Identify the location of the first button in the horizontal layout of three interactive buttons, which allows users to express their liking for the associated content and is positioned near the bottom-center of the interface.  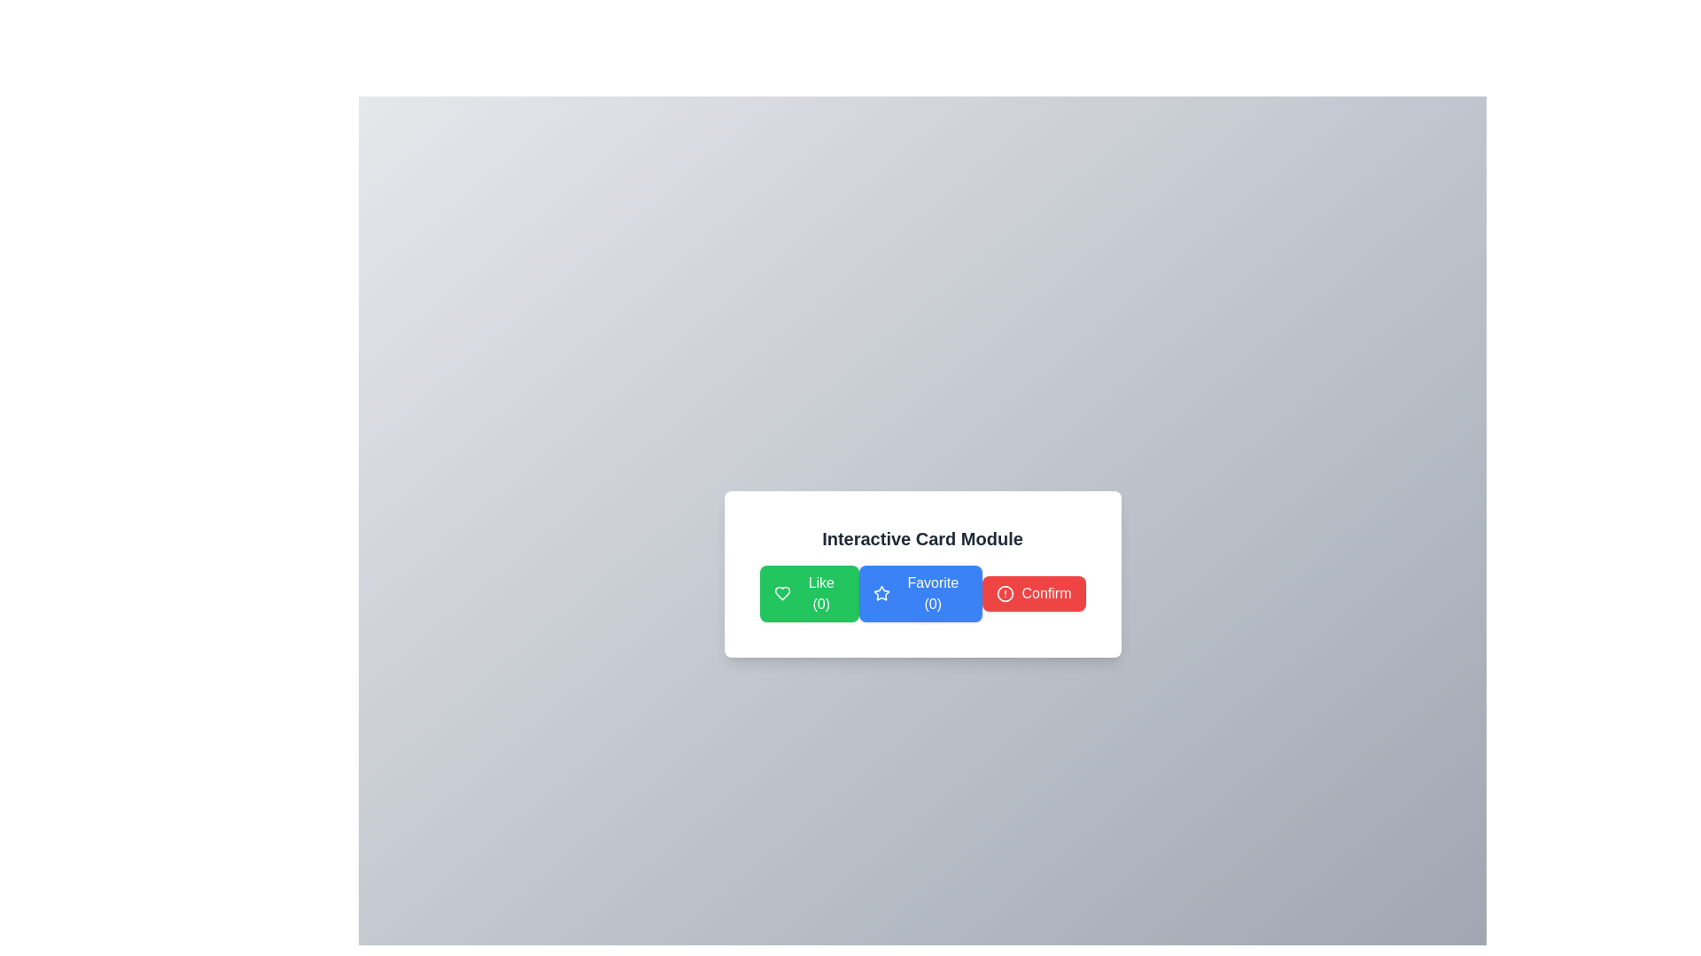
(808, 594).